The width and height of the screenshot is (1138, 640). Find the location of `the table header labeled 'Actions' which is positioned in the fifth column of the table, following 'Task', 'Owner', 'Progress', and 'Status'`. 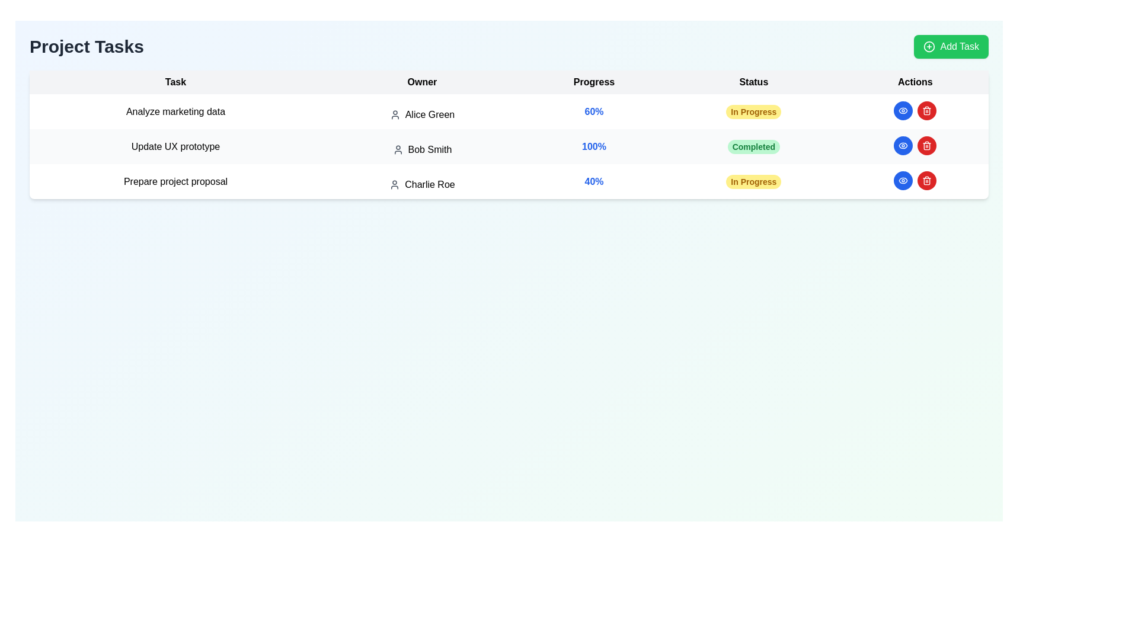

the table header labeled 'Actions' which is positioned in the fifth column of the table, following 'Task', 'Owner', 'Progress', and 'Status' is located at coordinates (915, 81).